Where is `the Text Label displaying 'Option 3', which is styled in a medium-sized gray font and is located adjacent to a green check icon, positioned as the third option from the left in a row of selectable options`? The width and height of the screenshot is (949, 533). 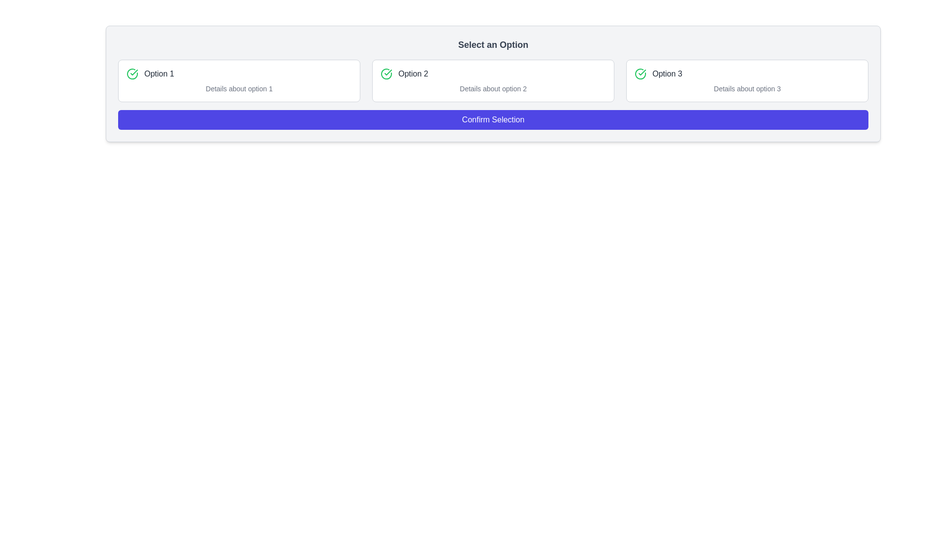 the Text Label displaying 'Option 3', which is styled in a medium-sized gray font and is located adjacent to a green check icon, positioned as the third option from the left in a row of selectable options is located at coordinates (667, 74).